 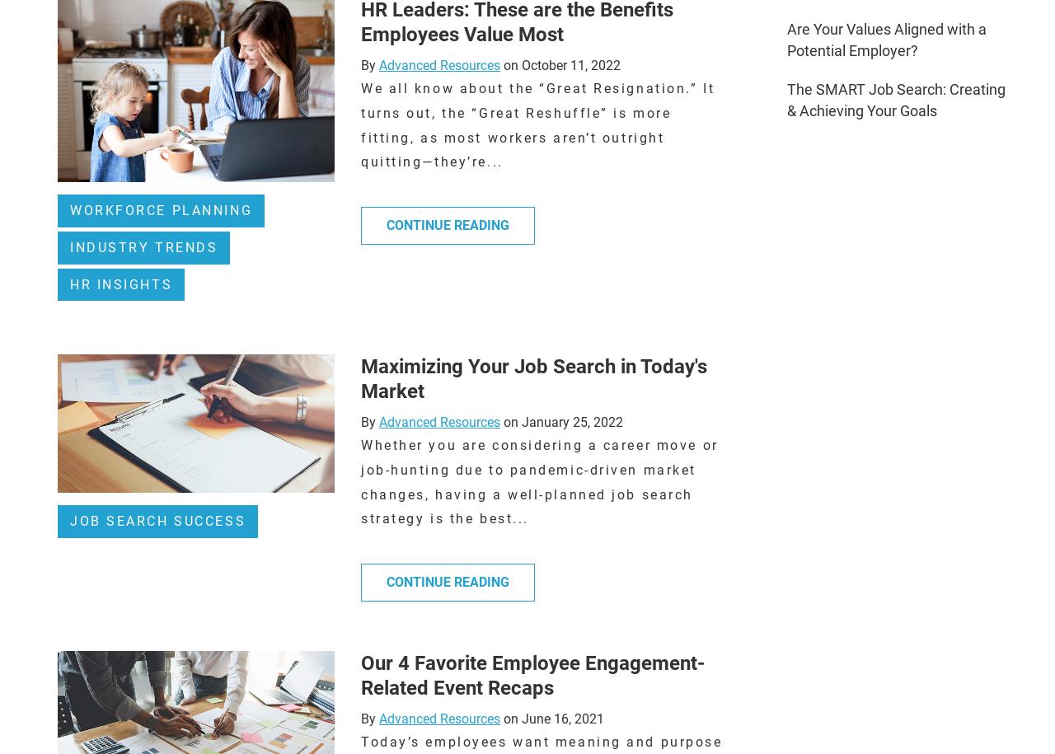 I want to click on 'Our 4 Favorite Employee Engagement-Related Event Recaps', so click(x=359, y=676).